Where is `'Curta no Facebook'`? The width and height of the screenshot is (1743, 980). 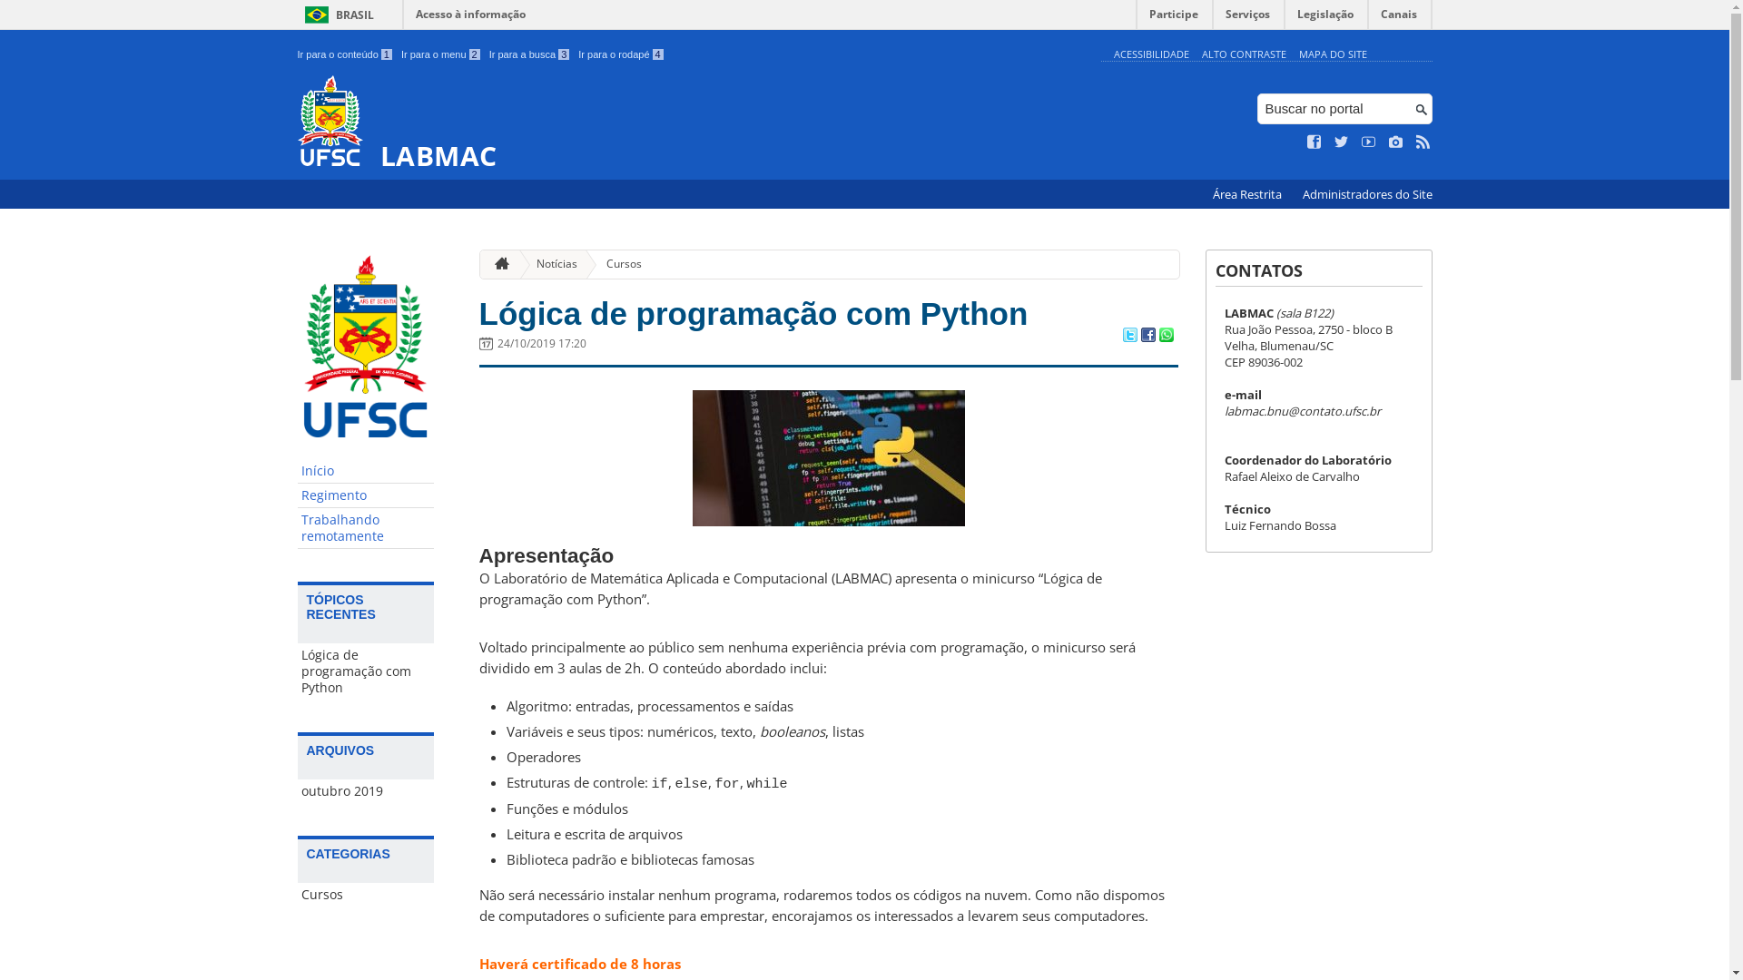 'Curta no Facebook' is located at coordinates (1307, 142).